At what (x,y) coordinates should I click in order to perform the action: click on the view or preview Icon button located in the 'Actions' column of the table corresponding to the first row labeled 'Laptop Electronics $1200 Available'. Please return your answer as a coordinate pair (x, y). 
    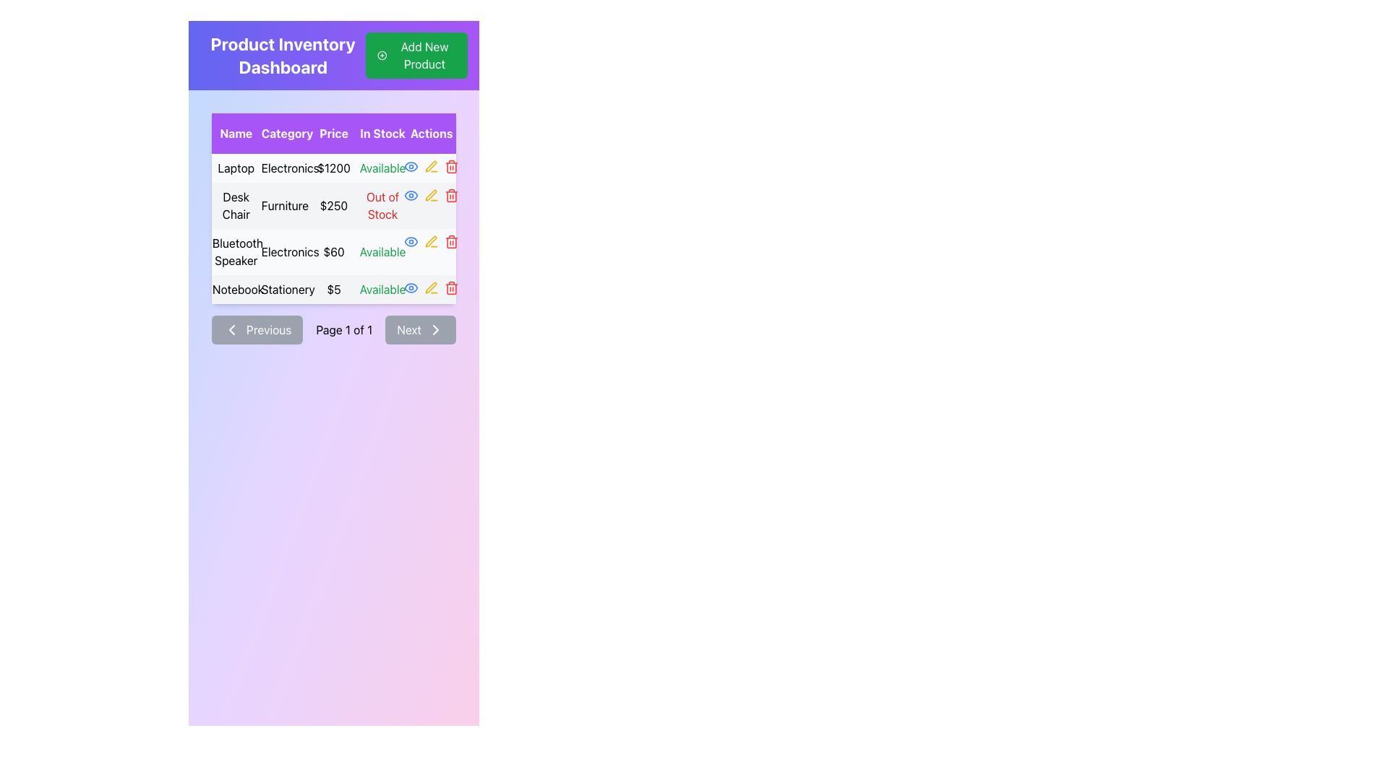
    Looking at the image, I should click on (411, 166).